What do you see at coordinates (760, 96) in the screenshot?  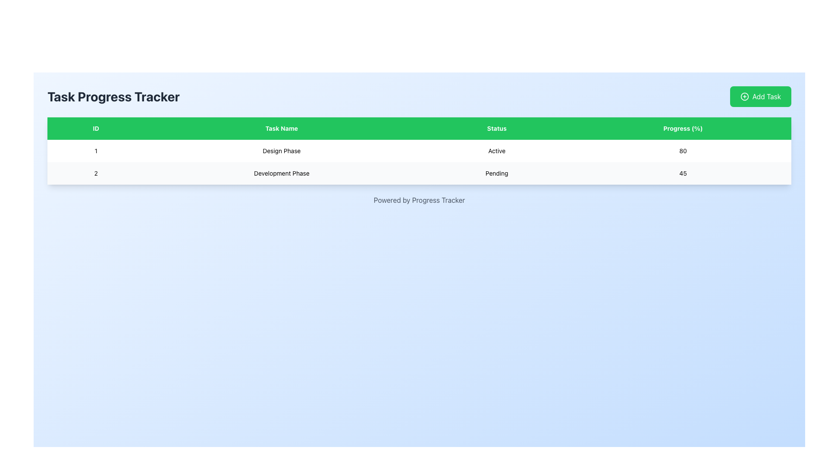 I see `the 'Add Task' button located at the top-right corner of the main interface next to the 'Task Progress Tracker' title` at bounding box center [760, 96].